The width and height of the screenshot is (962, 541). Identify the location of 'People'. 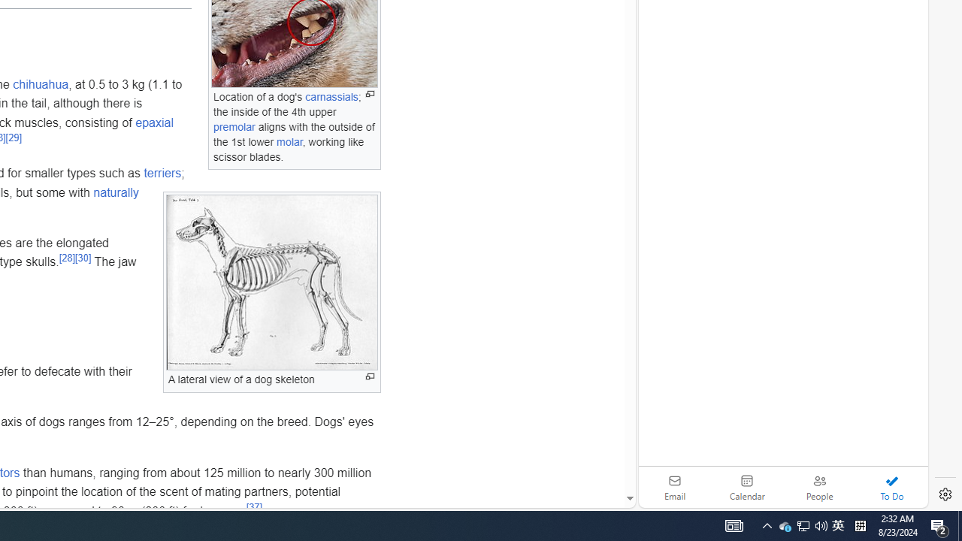
(818, 487).